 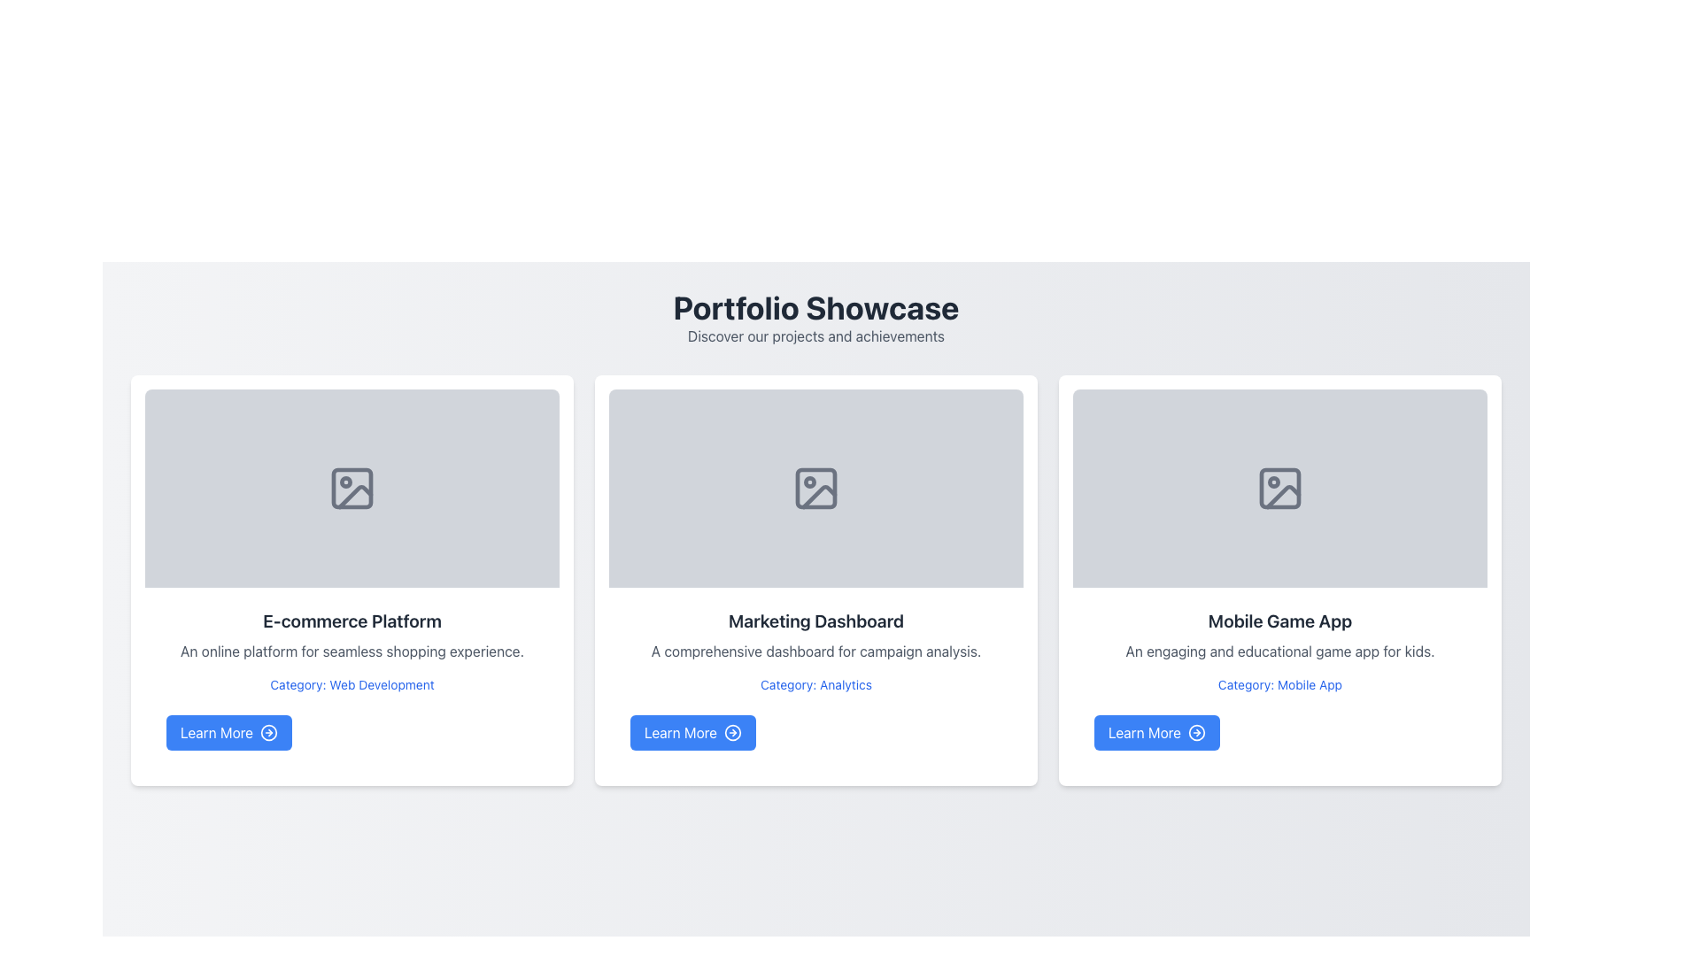 I want to click on the SVG Circle Component that visually complements the 'Learn More' button in the 'Mobile Game App' section, so click(x=1197, y=733).